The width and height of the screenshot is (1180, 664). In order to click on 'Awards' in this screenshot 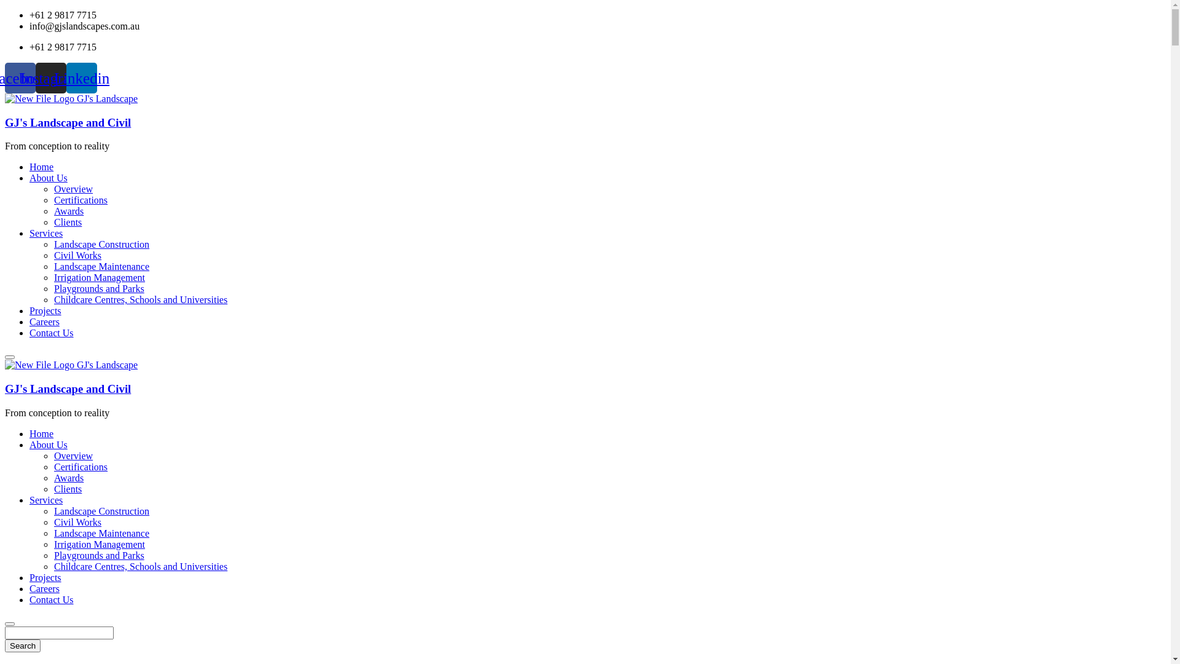, I will do `click(68, 210)`.